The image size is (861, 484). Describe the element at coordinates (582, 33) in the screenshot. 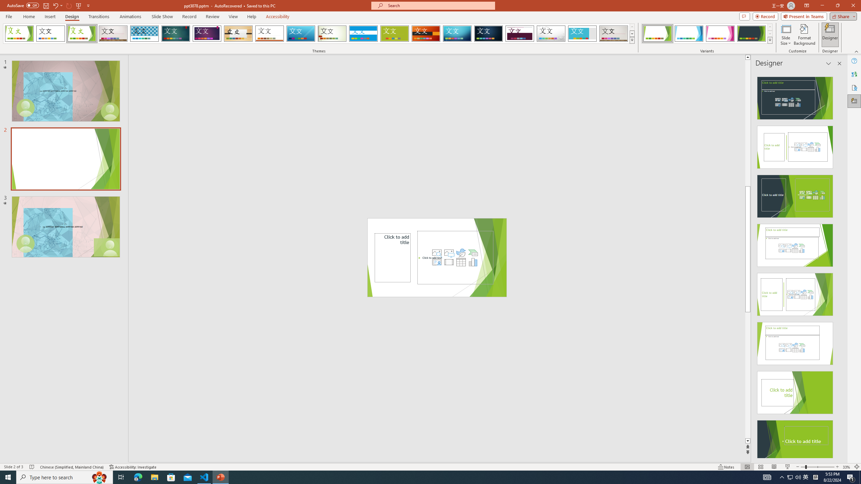

I see `'Frame'` at that location.